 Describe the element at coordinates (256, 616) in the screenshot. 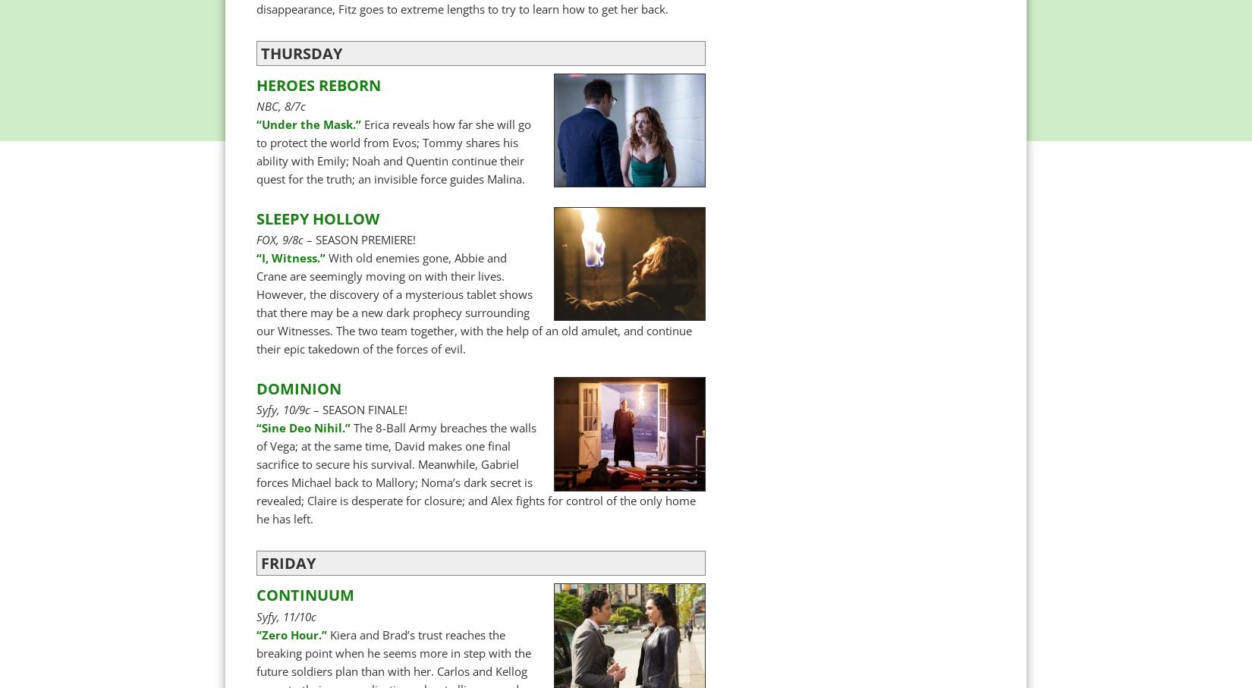

I see `'Syfy, 11/10c'` at that location.